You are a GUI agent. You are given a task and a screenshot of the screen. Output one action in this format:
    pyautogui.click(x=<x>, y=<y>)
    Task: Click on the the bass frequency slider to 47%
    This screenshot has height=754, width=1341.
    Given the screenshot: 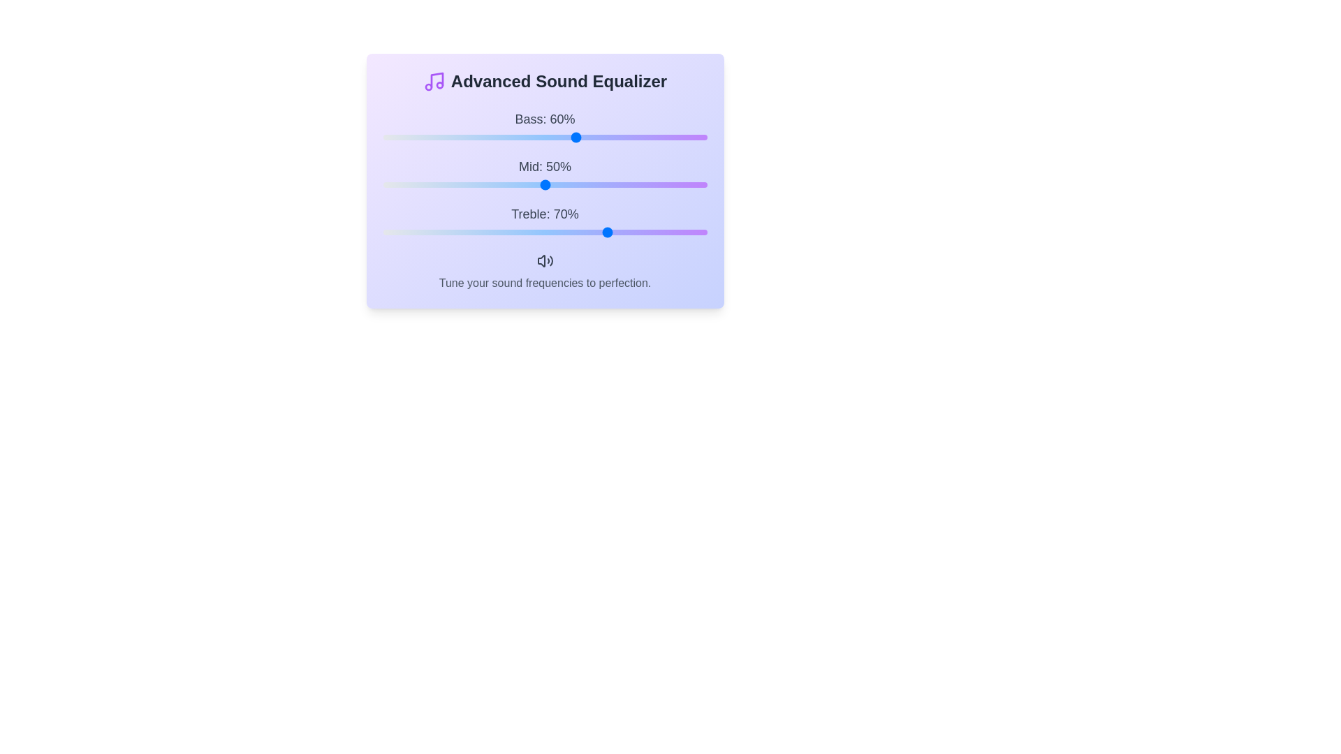 What is the action you would take?
    pyautogui.click(x=534, y=137)
    